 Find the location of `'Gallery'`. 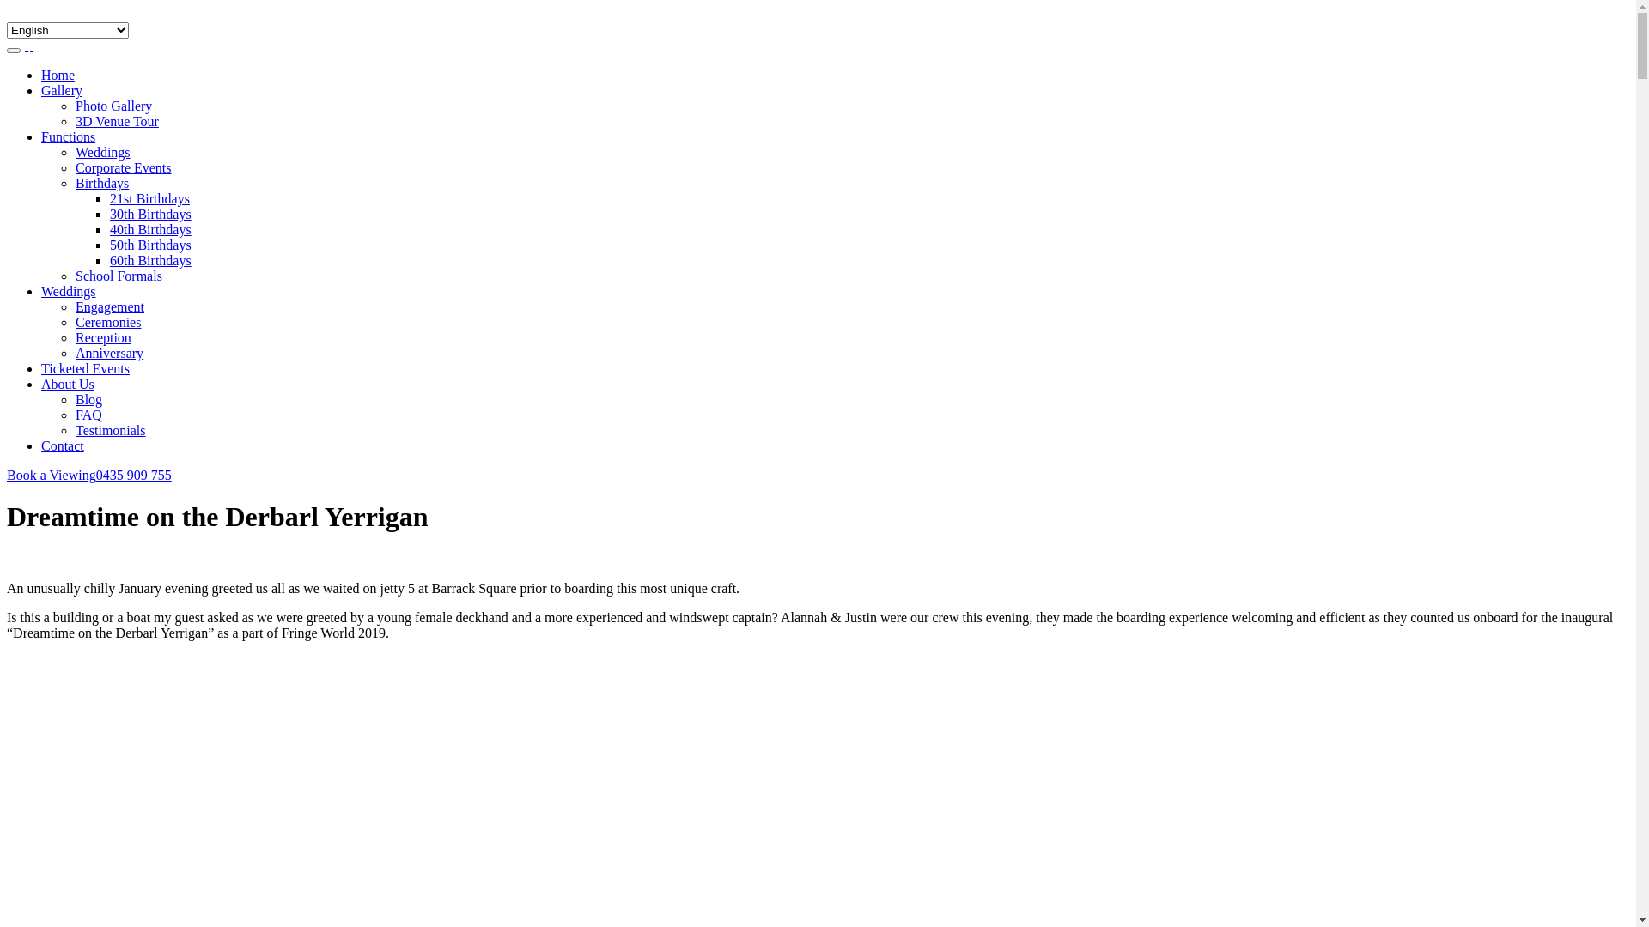

'Gallery' is located at coordinates (41, 90).